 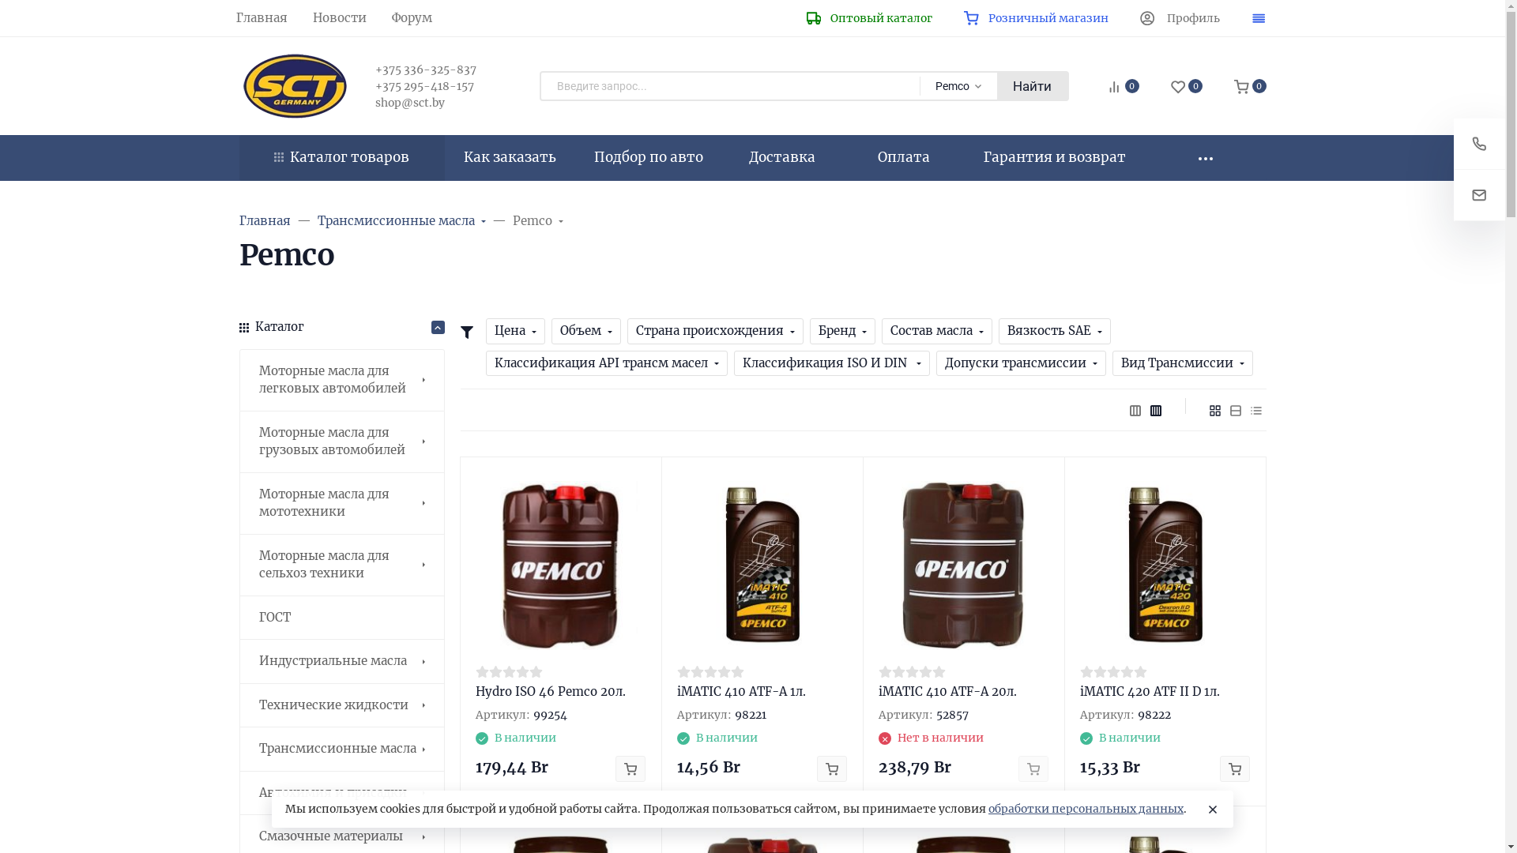 I want to click on 'SCT.BY', so click(x=293, y=85).